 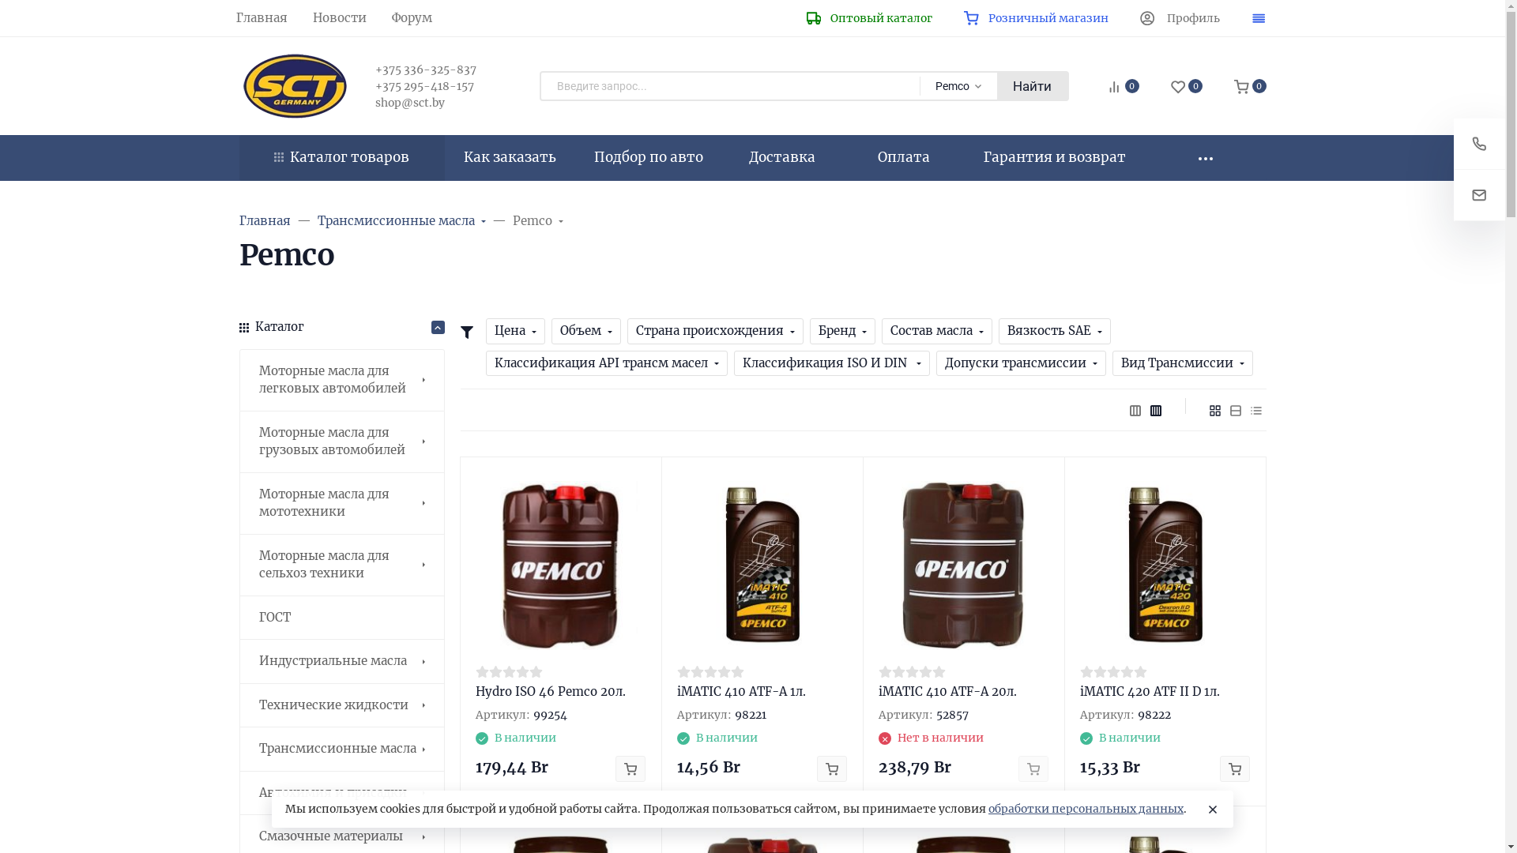 I want to click on 'SCT.BY', so click(x=293, y=85).